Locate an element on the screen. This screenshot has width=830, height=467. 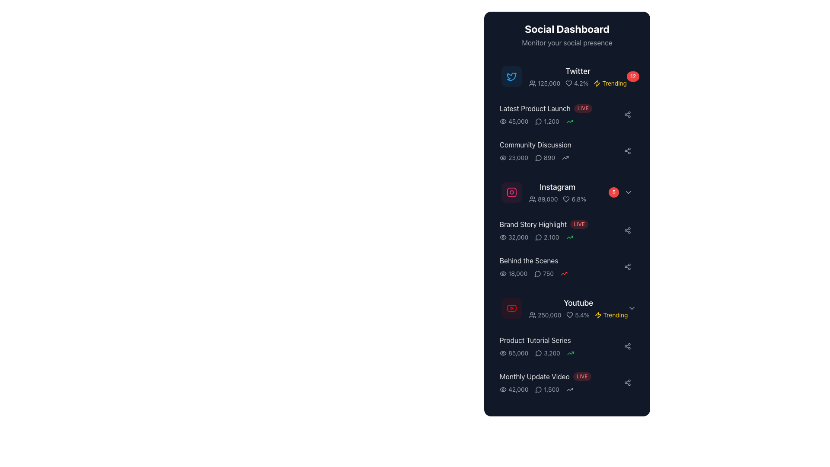
the share icon button, which is a minimalistic gray outline of a connected nodes diagram located at the rightmost side of the 'Product Tutorial Series' list item is located at coordinates (627, 346).